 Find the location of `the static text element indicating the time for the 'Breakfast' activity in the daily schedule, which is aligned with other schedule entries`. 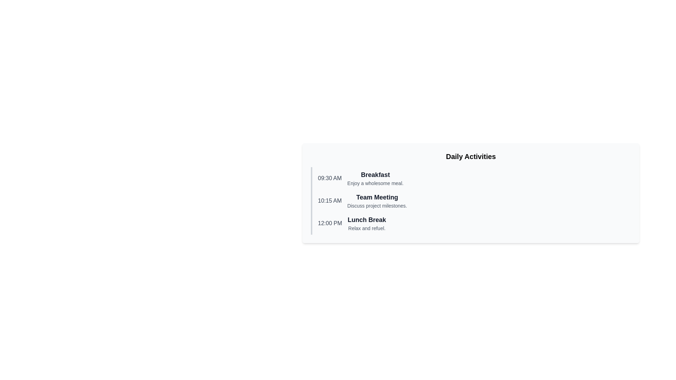

the static text element indicating the time for the 'Breakfast' activity in the daily schedule, which is aligned with other schedule entries is located at coordinates (329, 178).